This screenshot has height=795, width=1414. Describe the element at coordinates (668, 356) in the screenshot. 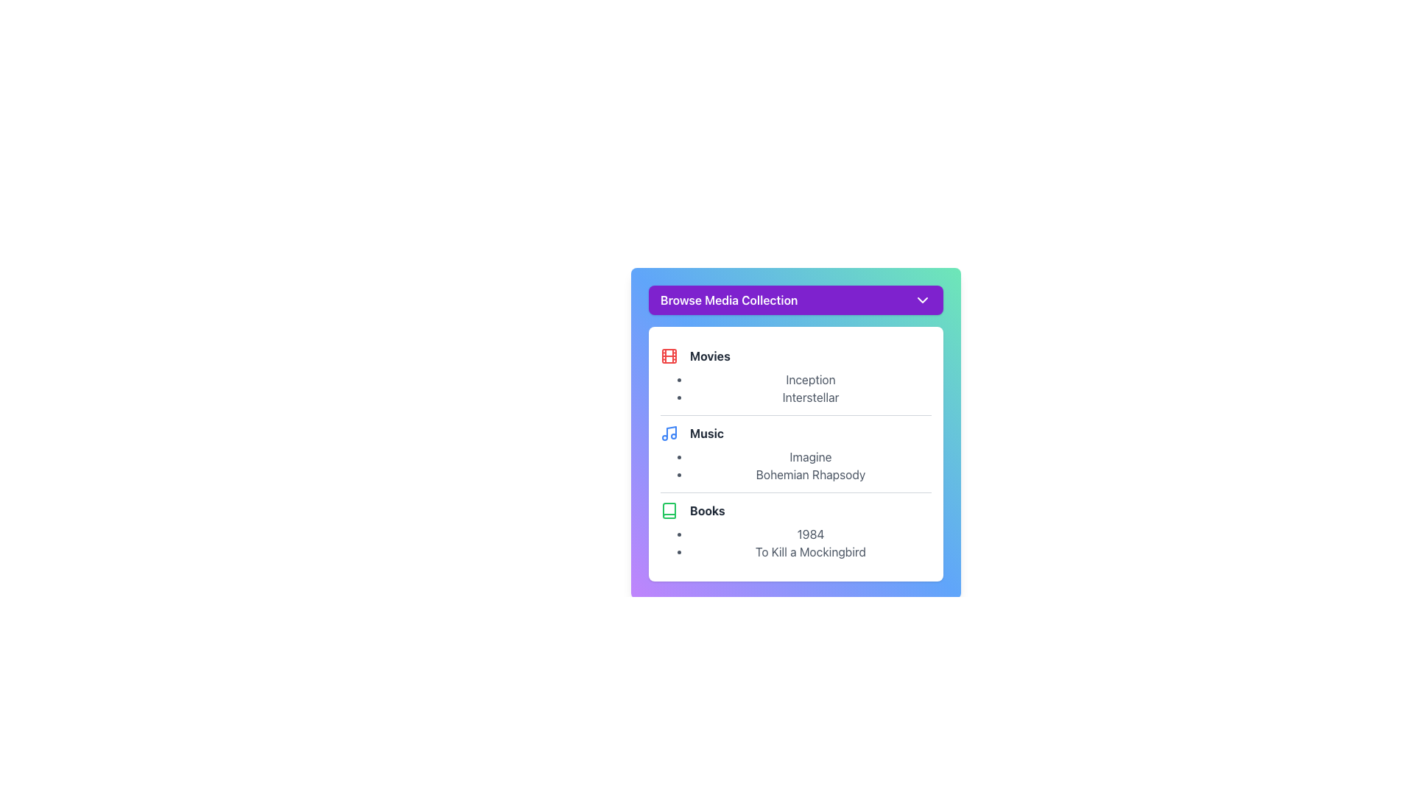

I see `the red rectangle icon styled like a minimal film icon in the 'Movies' section header, located near the top of the list panel, aligned to the left of the text 'Movies'` at that location.